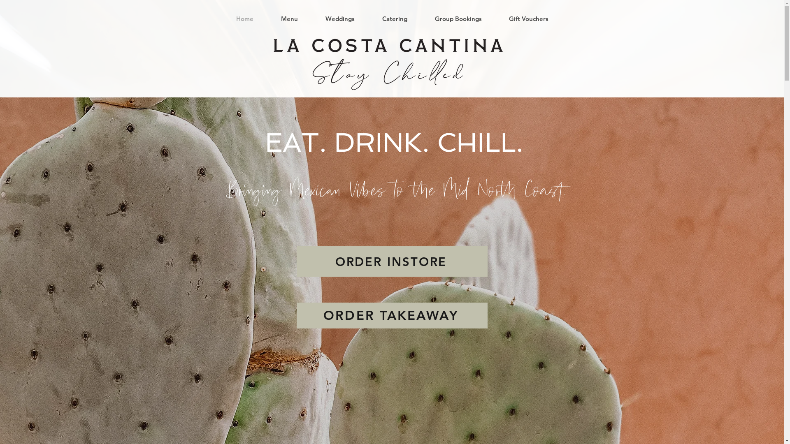 This screenshot has width=790, height=444. Describe the element at coordinates (395, 18) in the screenshot. I see `'Catering'` at that location.